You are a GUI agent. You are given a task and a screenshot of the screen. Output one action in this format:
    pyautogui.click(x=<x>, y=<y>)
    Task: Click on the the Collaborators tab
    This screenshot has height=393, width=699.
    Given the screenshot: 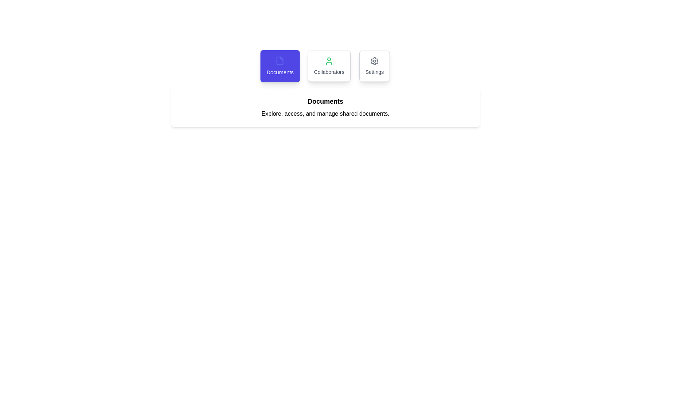 What is the action you would take?
    pyautogui.click(x=329, y=66)
    